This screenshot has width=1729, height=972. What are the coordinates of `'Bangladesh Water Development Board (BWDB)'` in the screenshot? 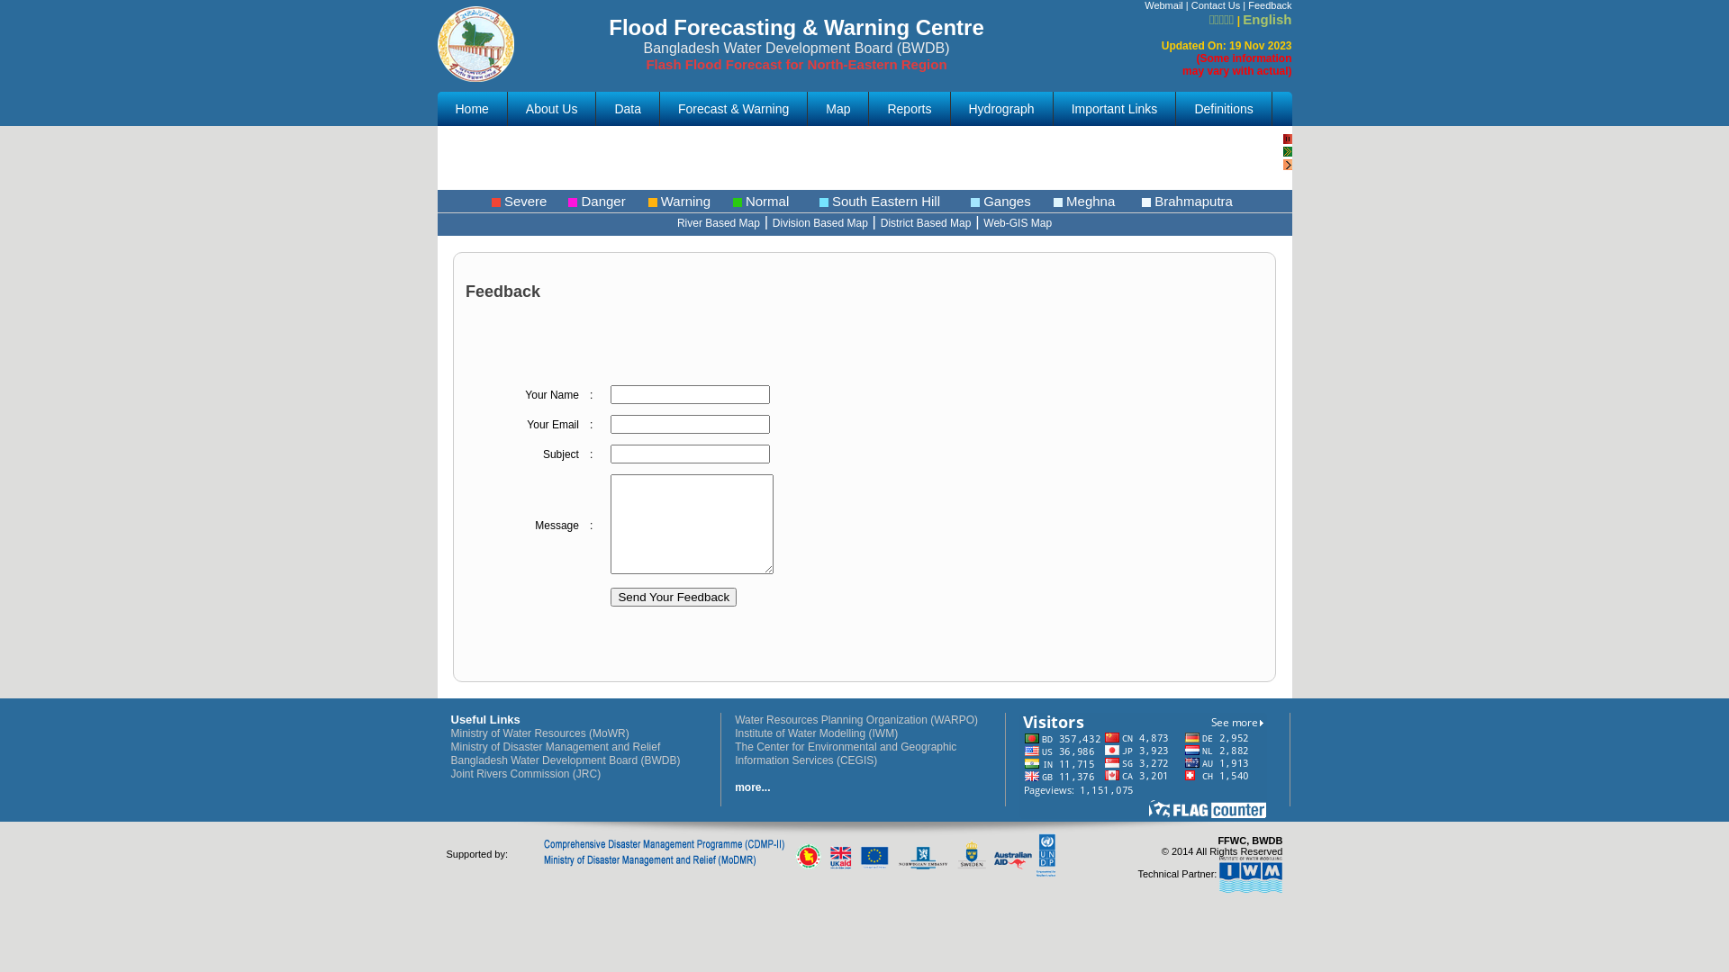 It's located at (564, 760).